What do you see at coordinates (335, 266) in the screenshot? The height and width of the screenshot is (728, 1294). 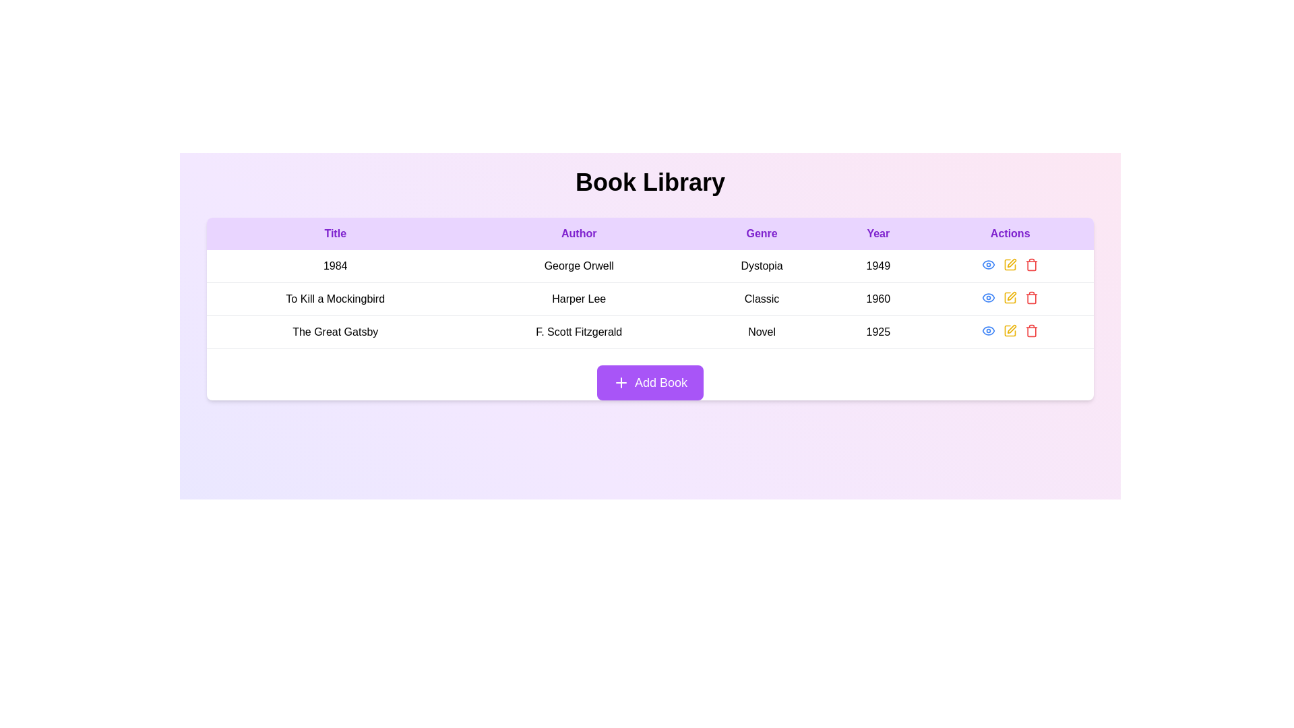 I see `on the text label displaying the year '1984', which is located in the first cell under the 'Title' column in the first row of the table` at bounding box center [335, 266].